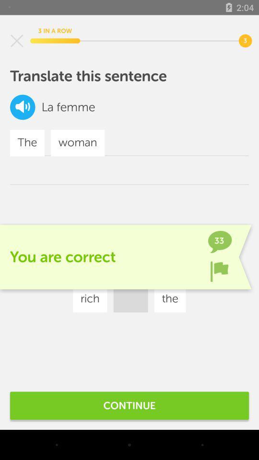  What do you see at coordinates (47, 107) in the screenshot?
I see `icon below the translate this sentence icon` at bounding box center [47, 107].